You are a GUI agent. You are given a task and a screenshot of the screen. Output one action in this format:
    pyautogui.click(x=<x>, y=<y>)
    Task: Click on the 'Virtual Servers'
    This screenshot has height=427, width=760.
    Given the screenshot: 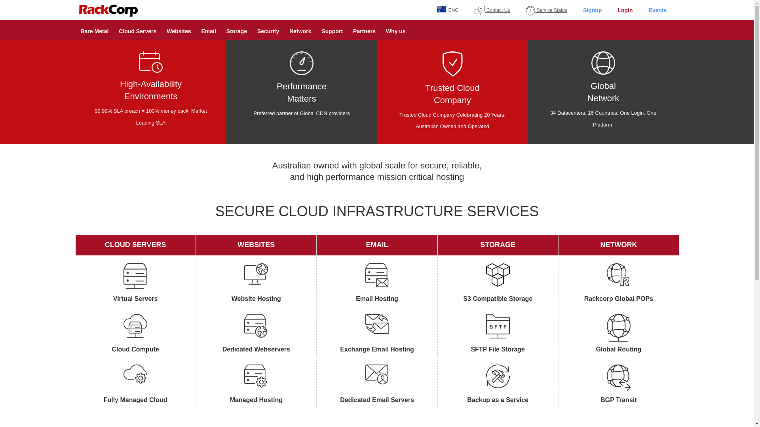 What is the action you would take?
    pyautogui.click(x=135, y=282)
    